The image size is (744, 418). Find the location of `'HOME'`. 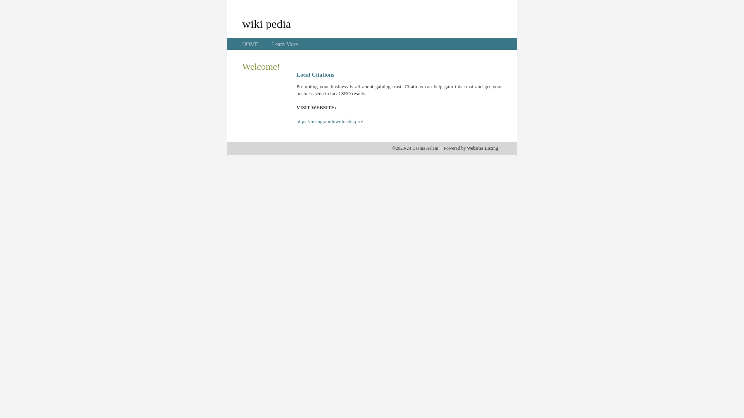

'HOME' is located at coordinates (241, 44).